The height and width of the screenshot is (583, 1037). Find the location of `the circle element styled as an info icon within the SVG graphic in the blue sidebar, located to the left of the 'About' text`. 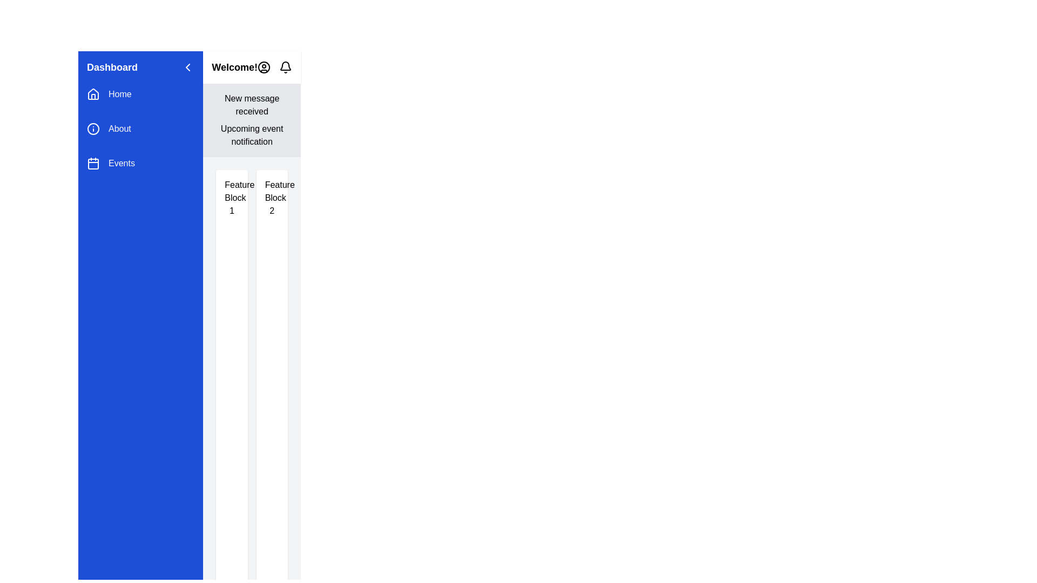

the circle element styled as an info icon within the SVG graphic in the blue sidebar, located to the left of the 'About' text is located at coordinates (93, 128).